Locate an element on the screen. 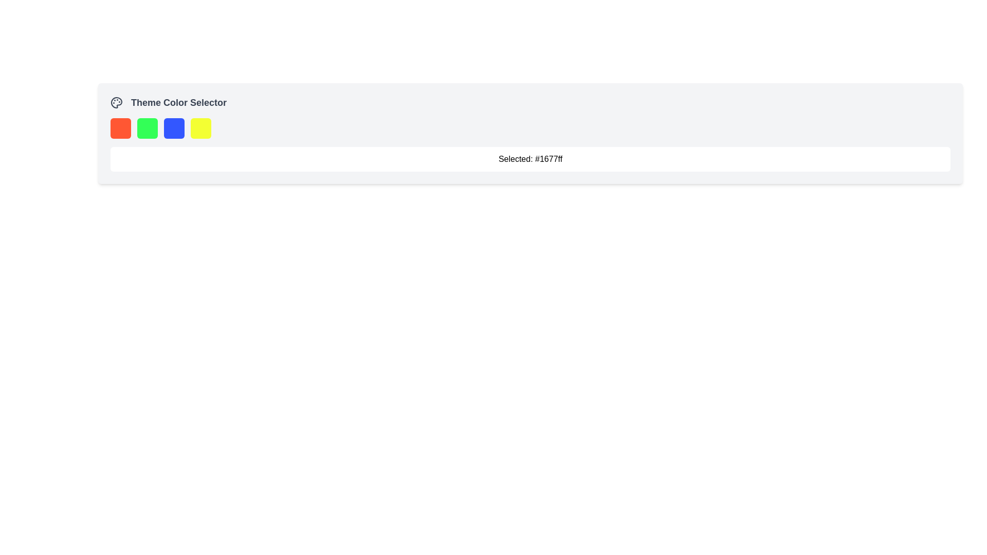 This screenshot has width=987, height=555. the Color selection button located in the Theme Color Selector section is located at coordinates (121, 128).